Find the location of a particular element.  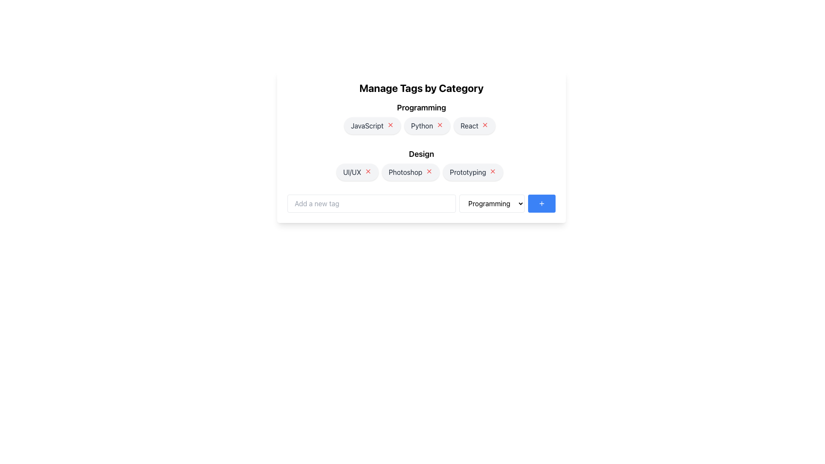

the small red-colored icon with an 'X' symbol located to the right of the 'Prototyping' tag under the 'Design' section to trigger the styling change is located at coordinates (493, 171).